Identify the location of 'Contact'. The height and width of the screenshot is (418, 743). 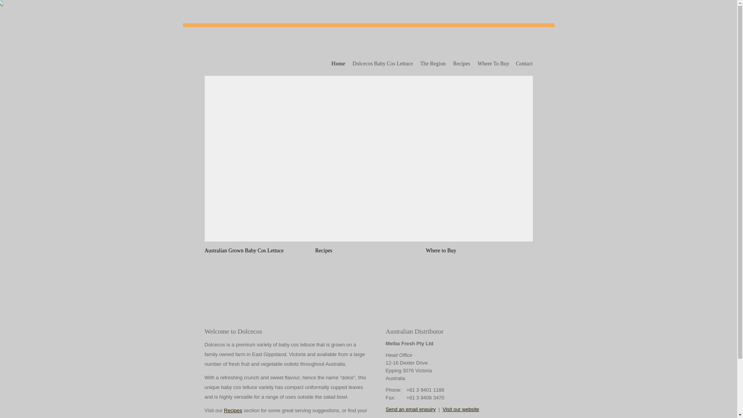
(523, 63).